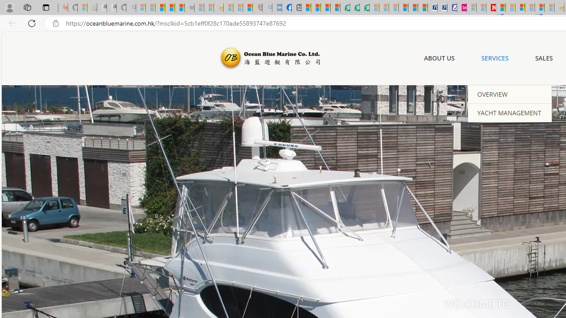 The image size is (566, 318). Describe the element at coordinates (179, 8) in the screenshot. I see `'New Report Confirms 2023 Was Record Hot | Watch'` at that location.